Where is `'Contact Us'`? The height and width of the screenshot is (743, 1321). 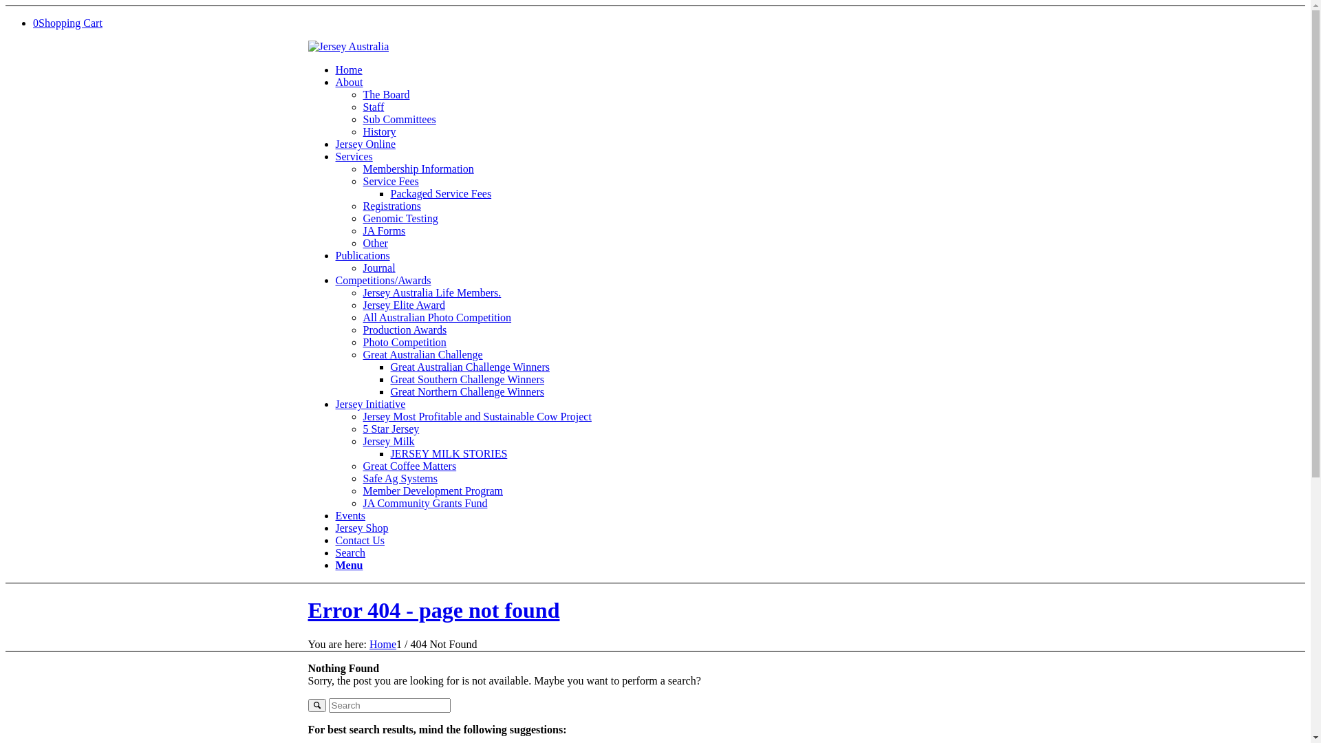 'Contact Us' is located at coordinates (360, 539).